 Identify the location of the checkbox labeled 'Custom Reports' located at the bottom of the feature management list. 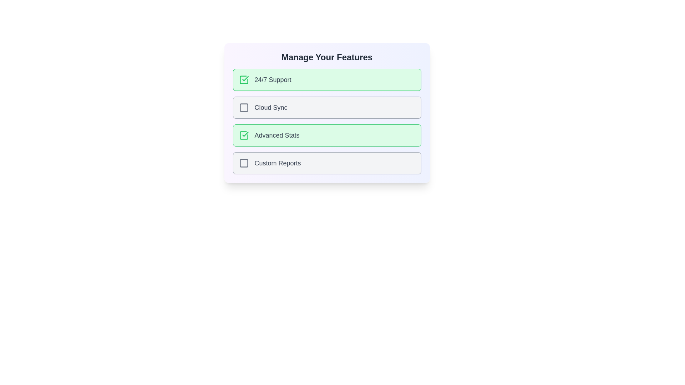
(326, 163).